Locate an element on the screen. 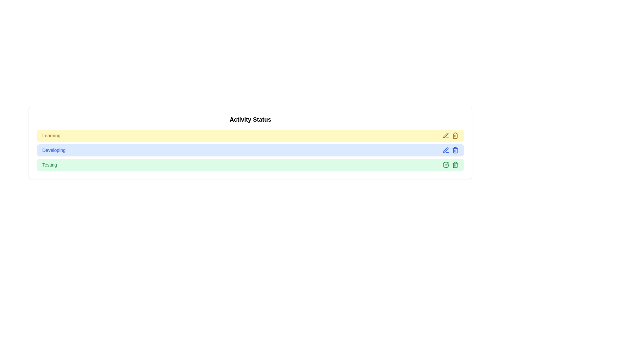 The image size is (639, 359). edit icon for the item labeled 'Developing' is located at coordinates (446, 150).